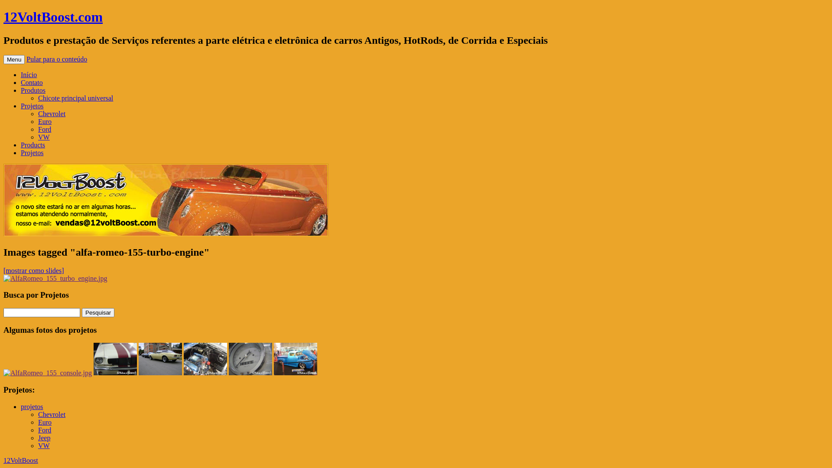  I want to click on '12VoltBoost.com', so click(52, 16).